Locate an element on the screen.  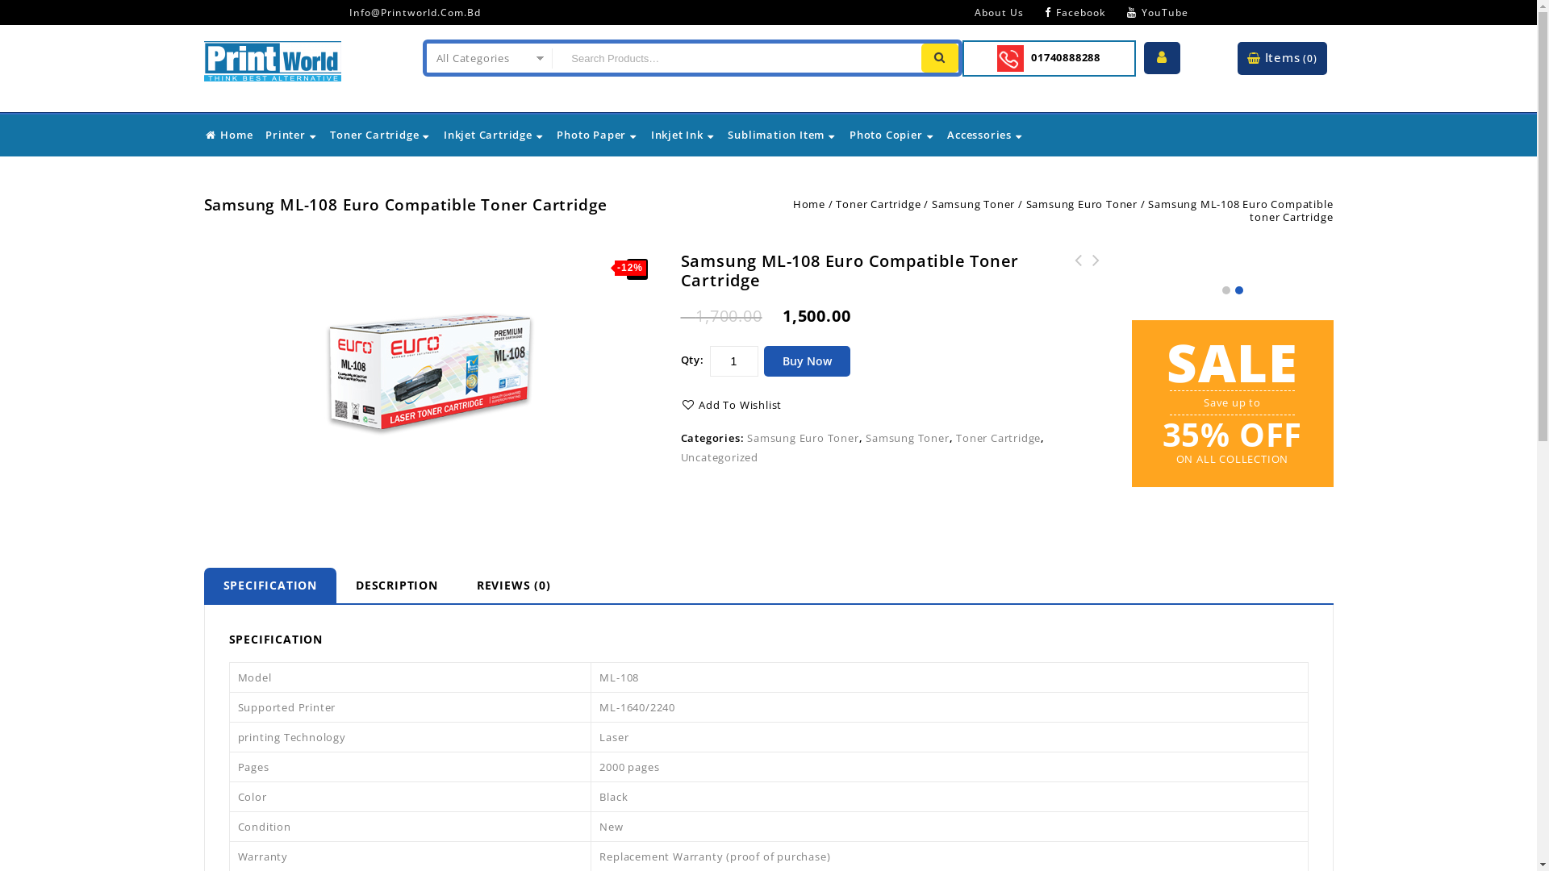
'Uncategorized' is located at coordinates (719, 457).